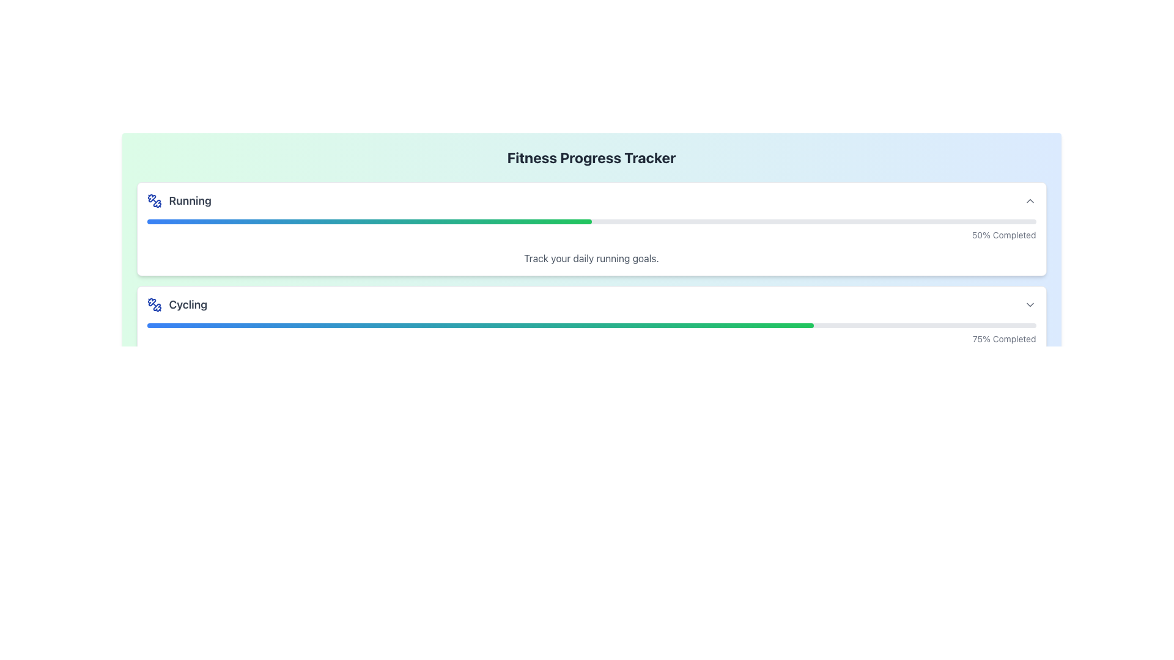  I want to click on the Cycling activity icon in the progress tracker interface, located to the left of the 'Cycling' text, so click(153, 304).